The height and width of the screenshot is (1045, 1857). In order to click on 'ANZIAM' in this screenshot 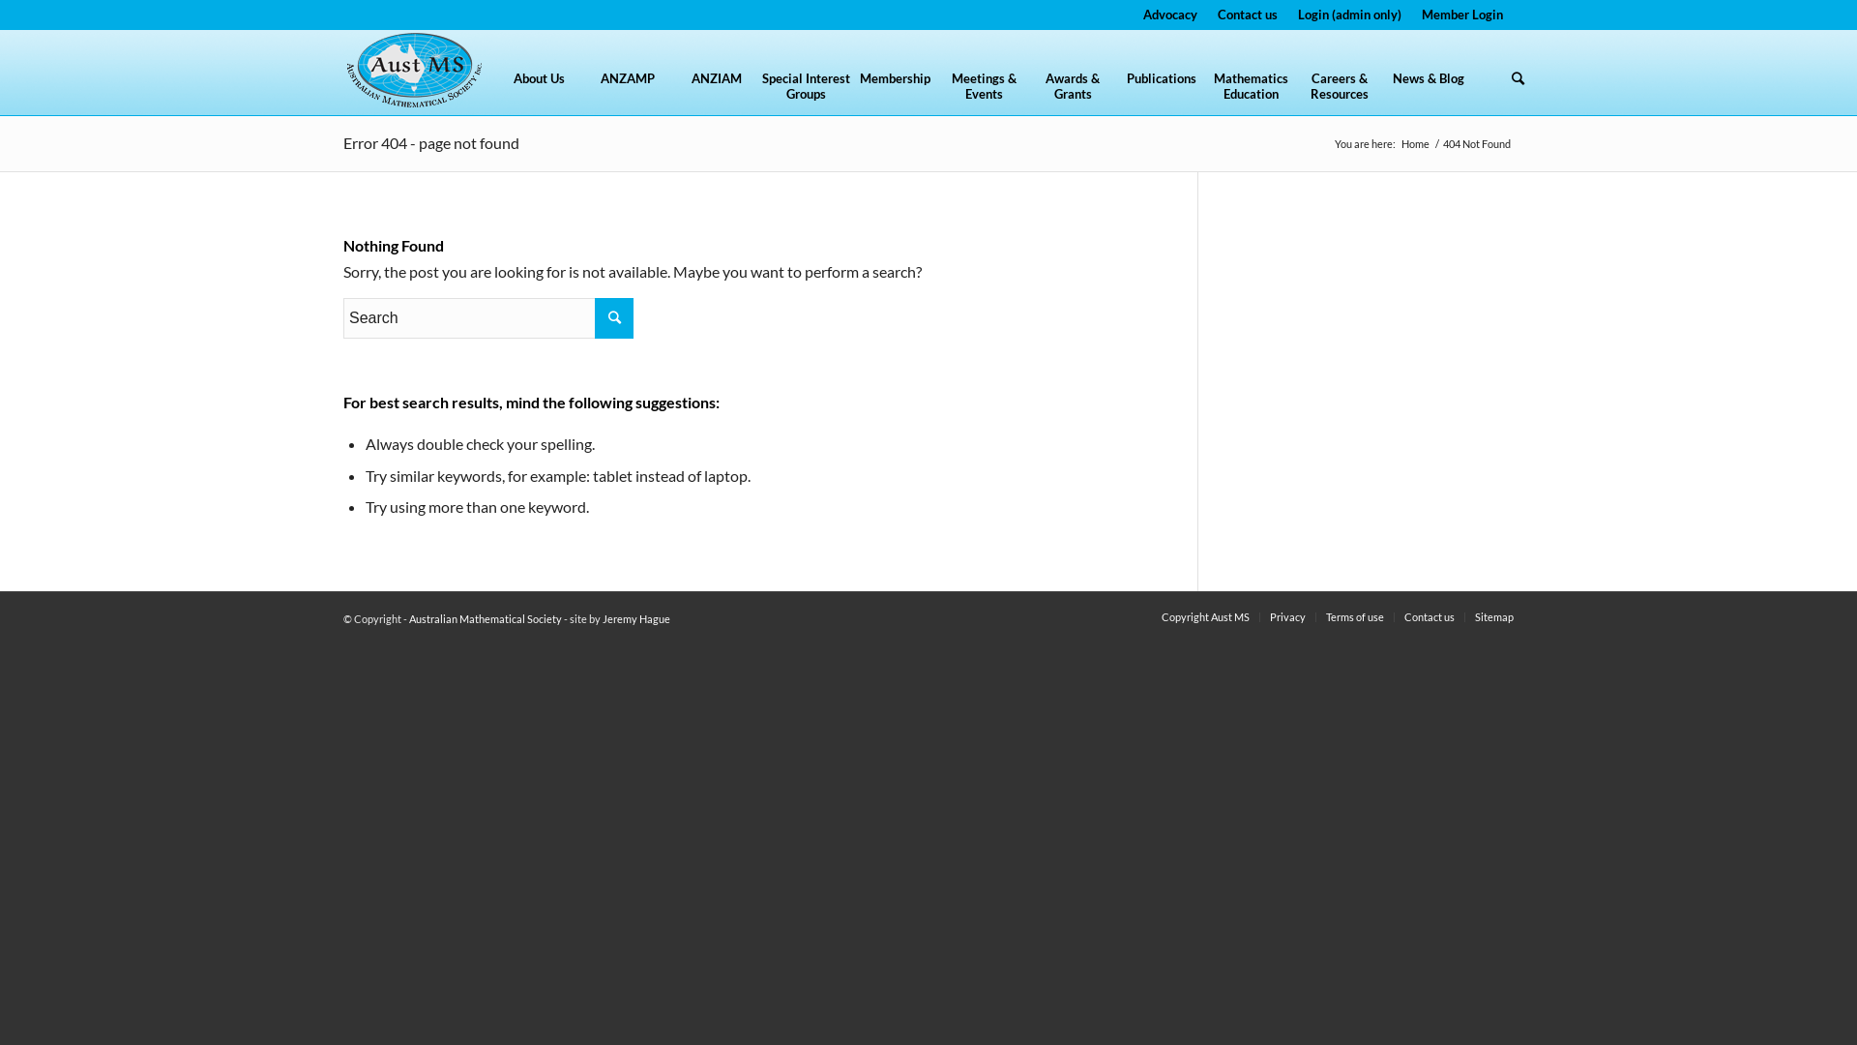, I will do `click(715, 92)`.